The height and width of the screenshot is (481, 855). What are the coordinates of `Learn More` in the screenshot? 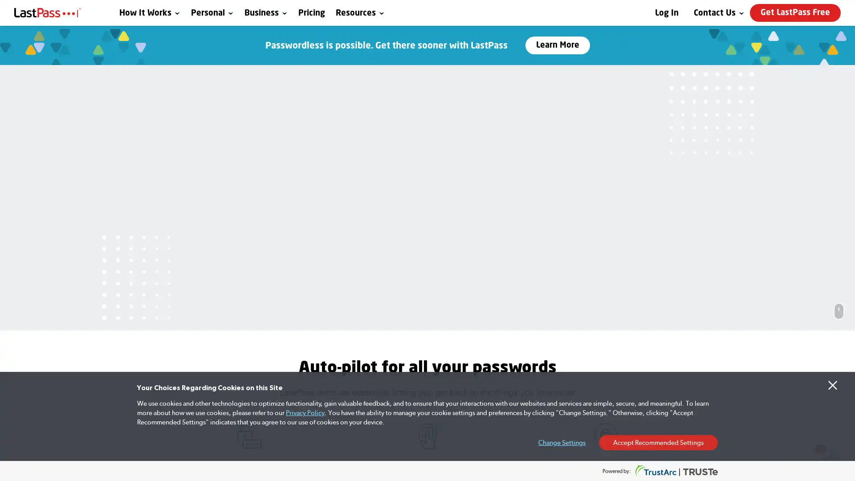 It's located at (557, 45).